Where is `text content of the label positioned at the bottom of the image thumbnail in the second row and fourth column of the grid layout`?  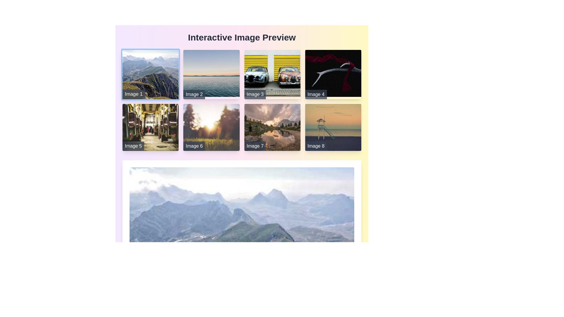
text content of the label positioned at the bottom of the image thumbnail in the second row and fourth column of the grid layout is located at coordinates (315, 94).